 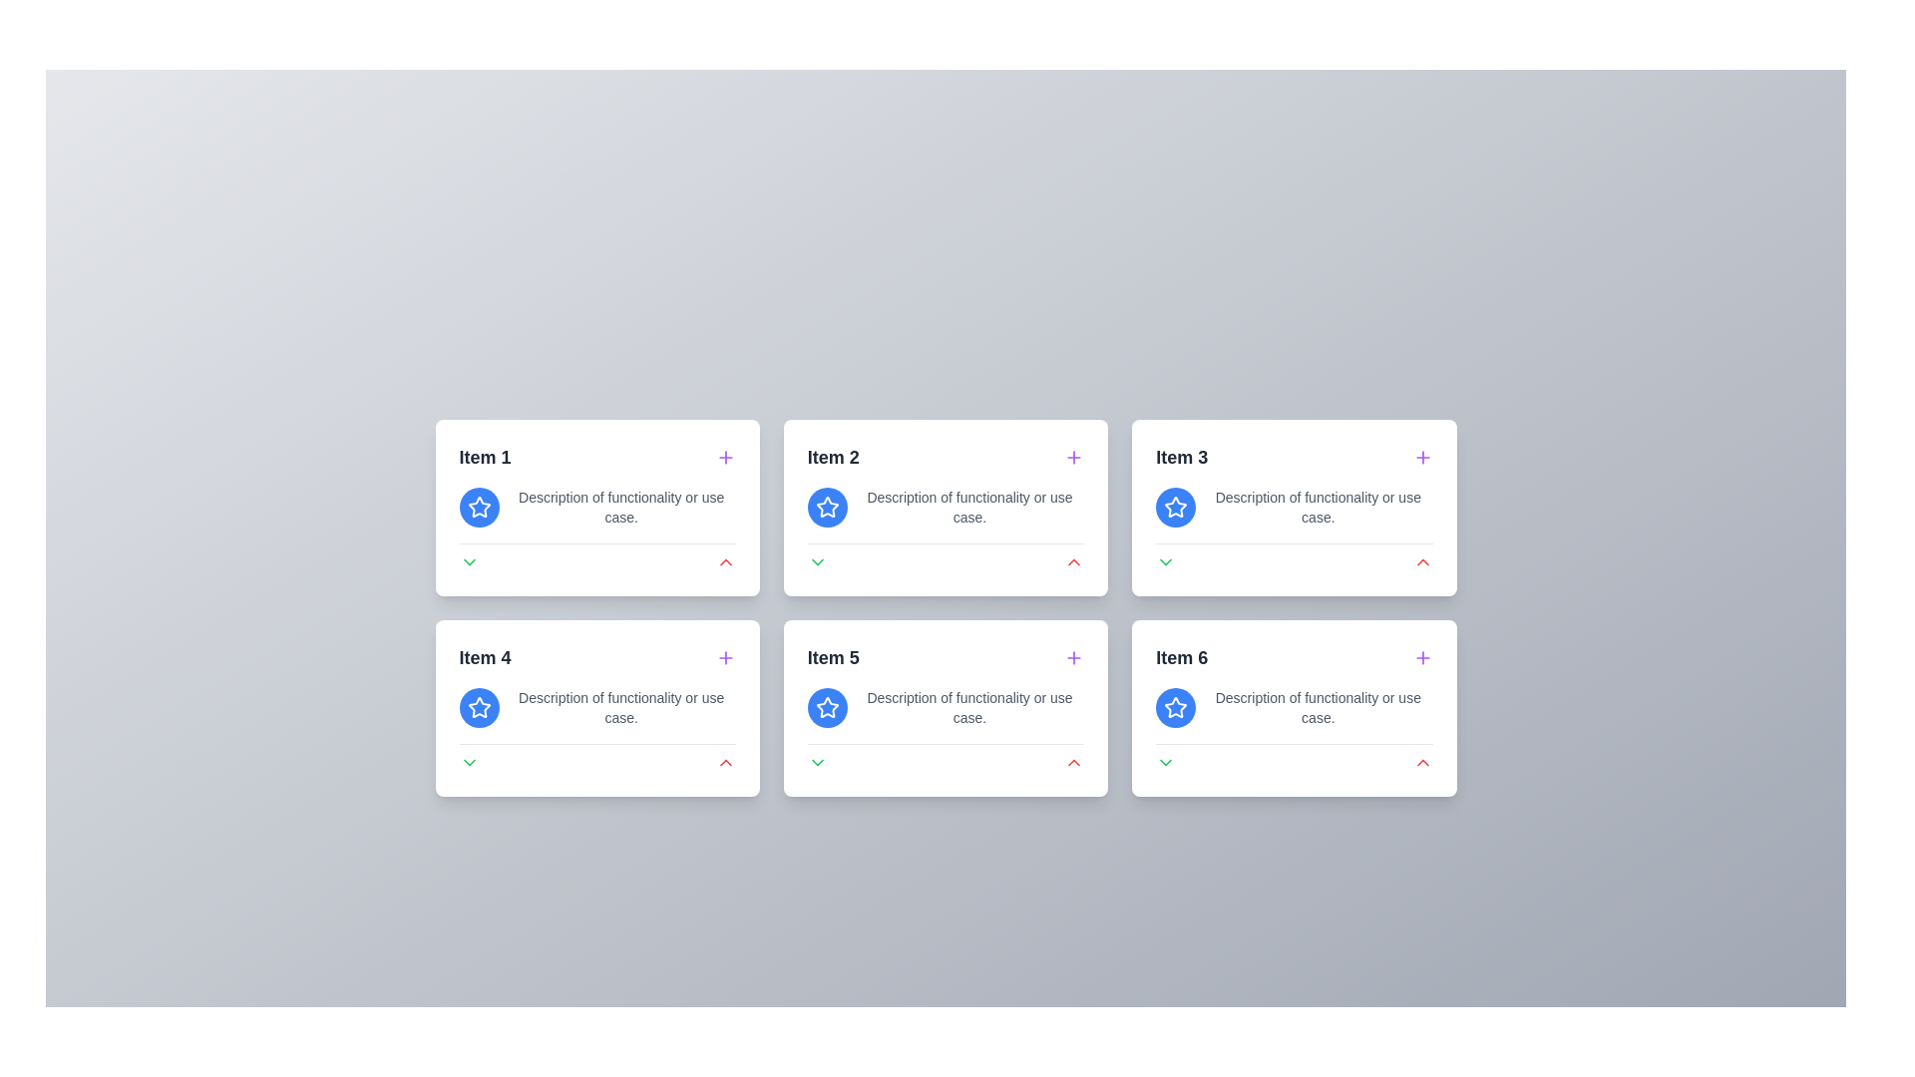 What do you see at coordinates (1176, 706) in the screenshot?
I see `the circular blue Icon button with a white star icon located in the top-left section of the card labeled 'Item 6'` at bounding box center [1176, 706].